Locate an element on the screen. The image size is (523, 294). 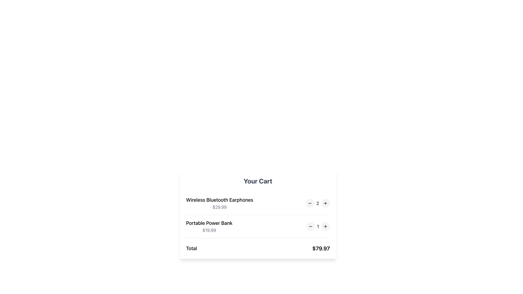
the text displaying the current count of items in the cart for 'Wireless Bluetooth Earphones', located between the minus and plus buttons in the 'Your Cart' section is located at coordinates (318, 203).